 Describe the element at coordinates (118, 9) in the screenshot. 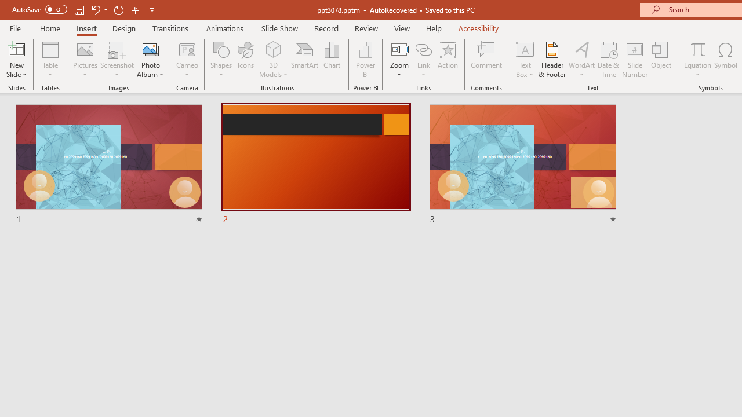

I see `'Redo'` at that location.